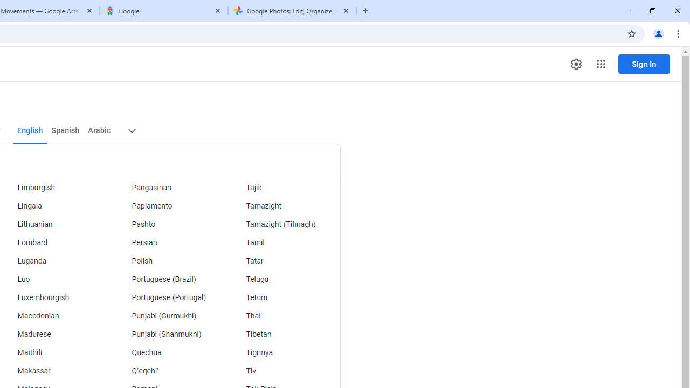 This screenshot has height=388, width=690. I want to click on 'Thai', so click(283, 316).